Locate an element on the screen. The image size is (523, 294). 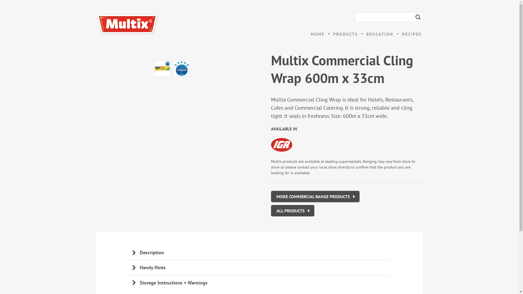
'Multix' is located at coordinates (127, 24).